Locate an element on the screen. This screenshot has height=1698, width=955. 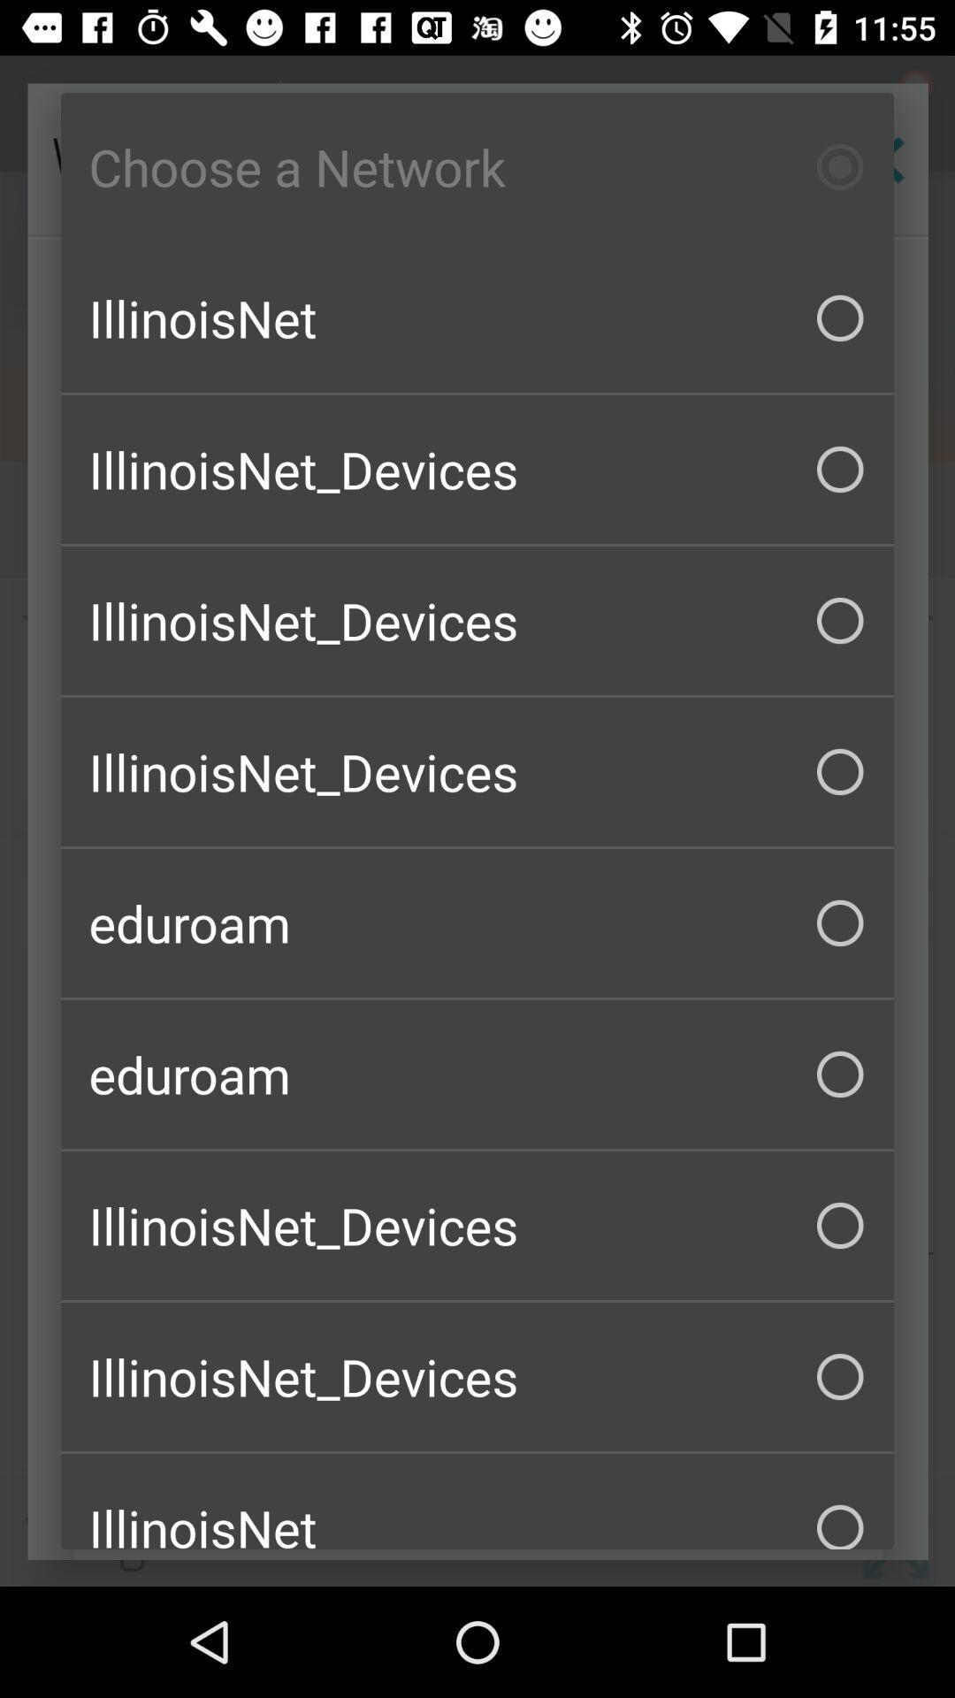
choose a network is located at coordinates (477, 166).